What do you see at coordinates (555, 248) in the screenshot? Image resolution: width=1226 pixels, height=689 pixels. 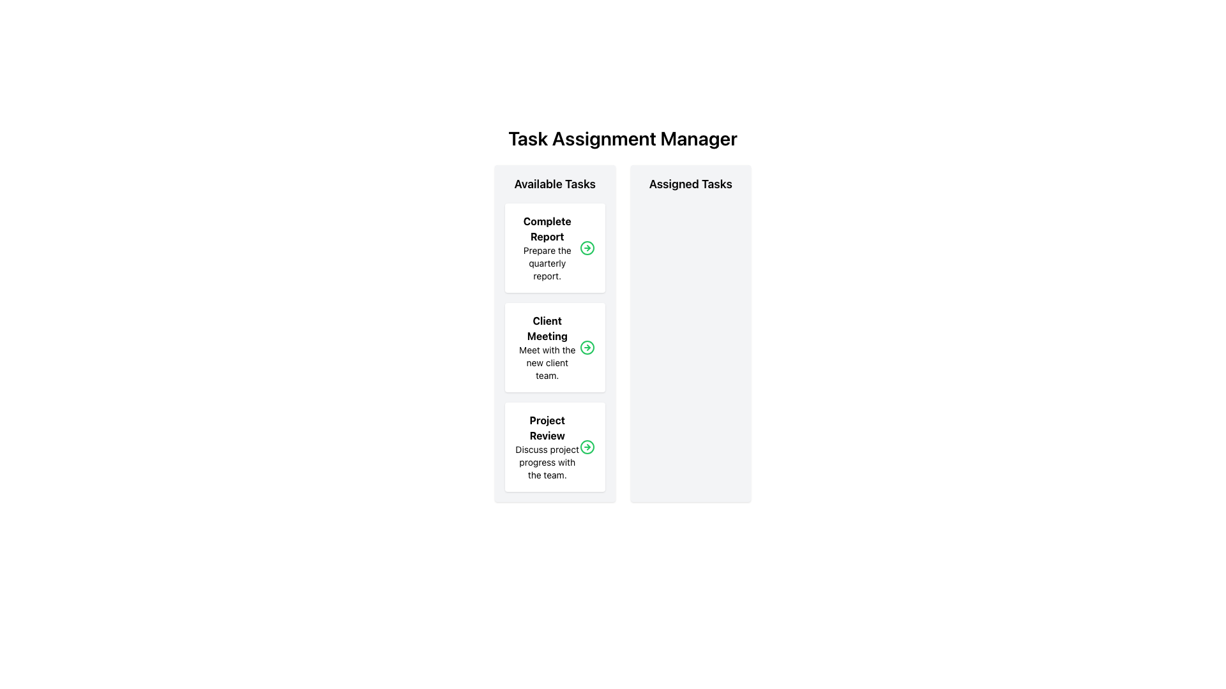 I see `the 'Complete Report' task card, which features bold text and a green circular icon` at bounding box center [555, 248].